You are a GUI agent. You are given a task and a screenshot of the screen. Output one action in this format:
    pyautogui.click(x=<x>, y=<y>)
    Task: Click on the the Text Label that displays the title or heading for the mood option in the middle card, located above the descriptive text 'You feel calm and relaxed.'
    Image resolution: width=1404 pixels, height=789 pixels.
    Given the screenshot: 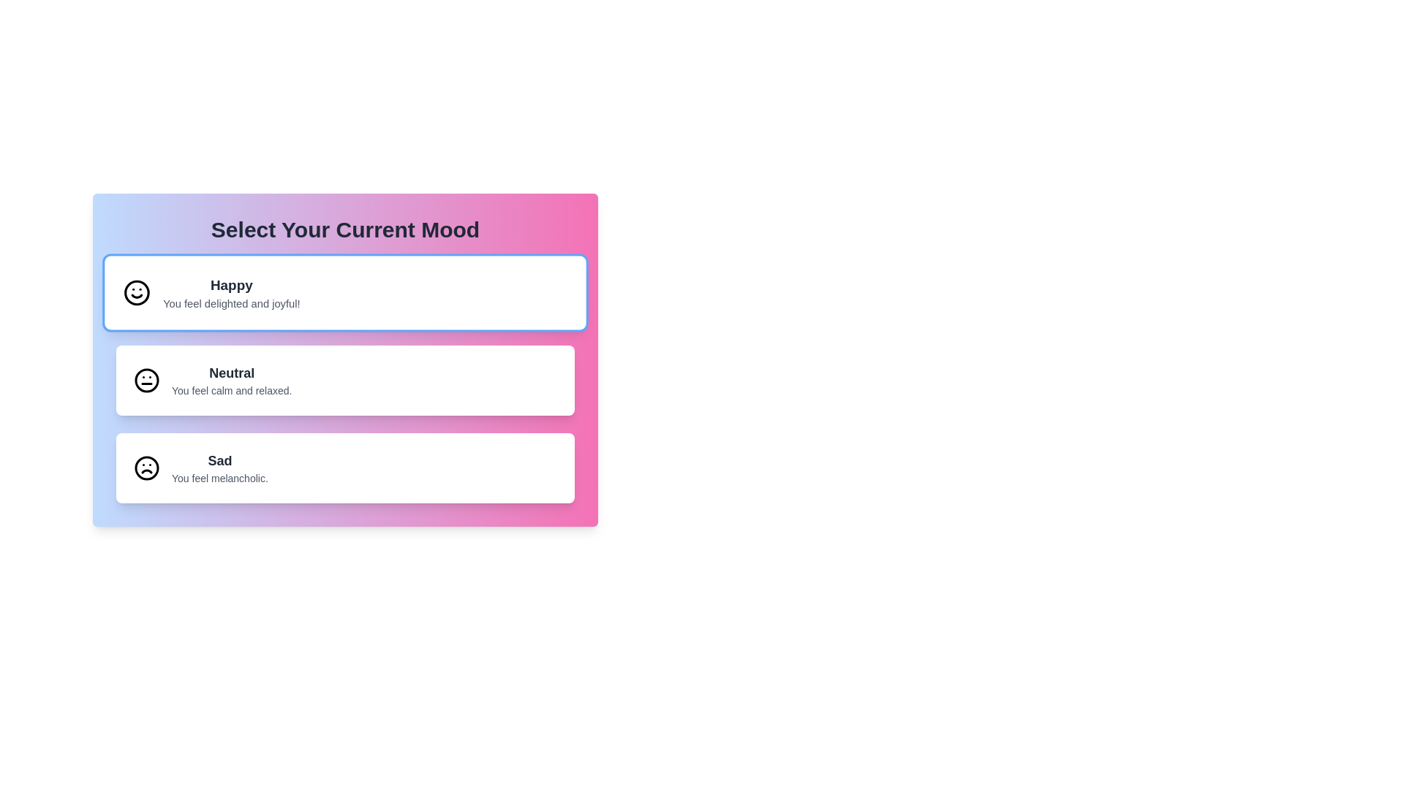 What is the action you would take?
    pyautogui.click(x=231, y=372)
    